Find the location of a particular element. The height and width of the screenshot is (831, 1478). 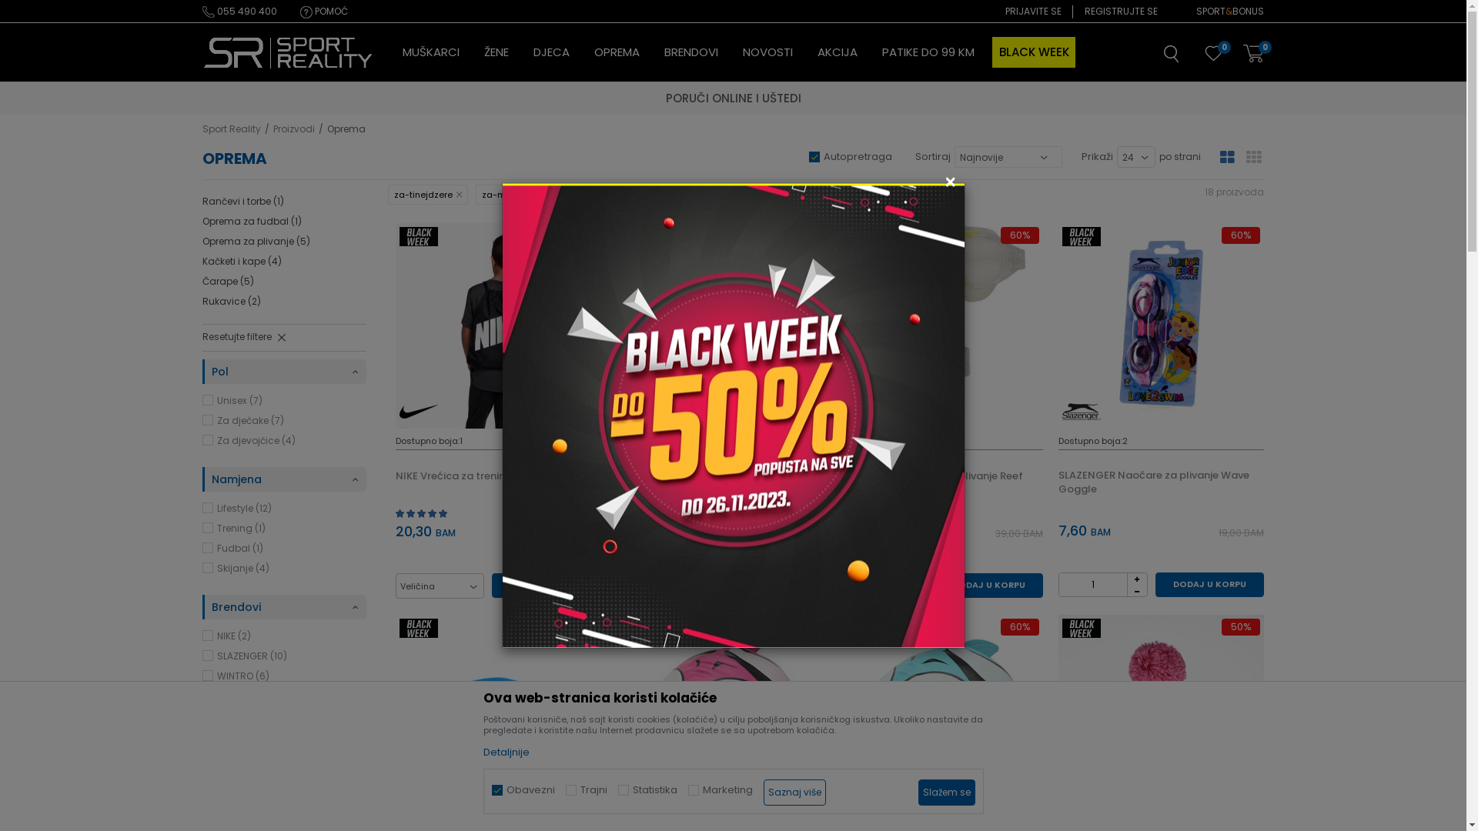

'PRIJAVITE SE' is located at coordinates (1033, 12).